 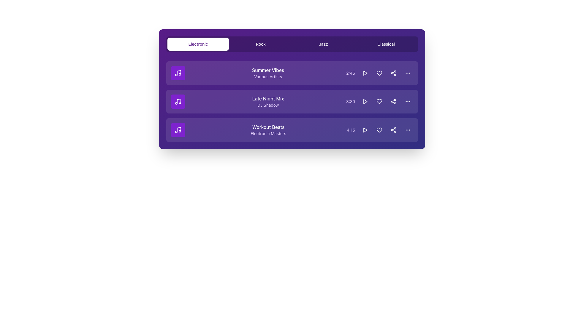 What do you see at coordinates (379, 101) in the screenshot?
I see `the heart-shaped icon button, which is styled with a distinct outline and a white color against a dark purple background, to mark the item as favorite` at bounding box center [379, 101].